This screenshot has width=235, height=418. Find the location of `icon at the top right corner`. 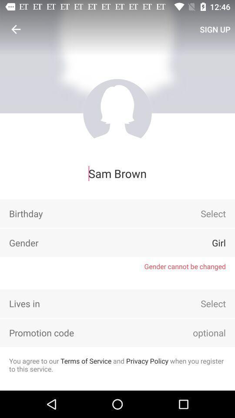

icon at the top right corner is located at coordinates (215, 29).